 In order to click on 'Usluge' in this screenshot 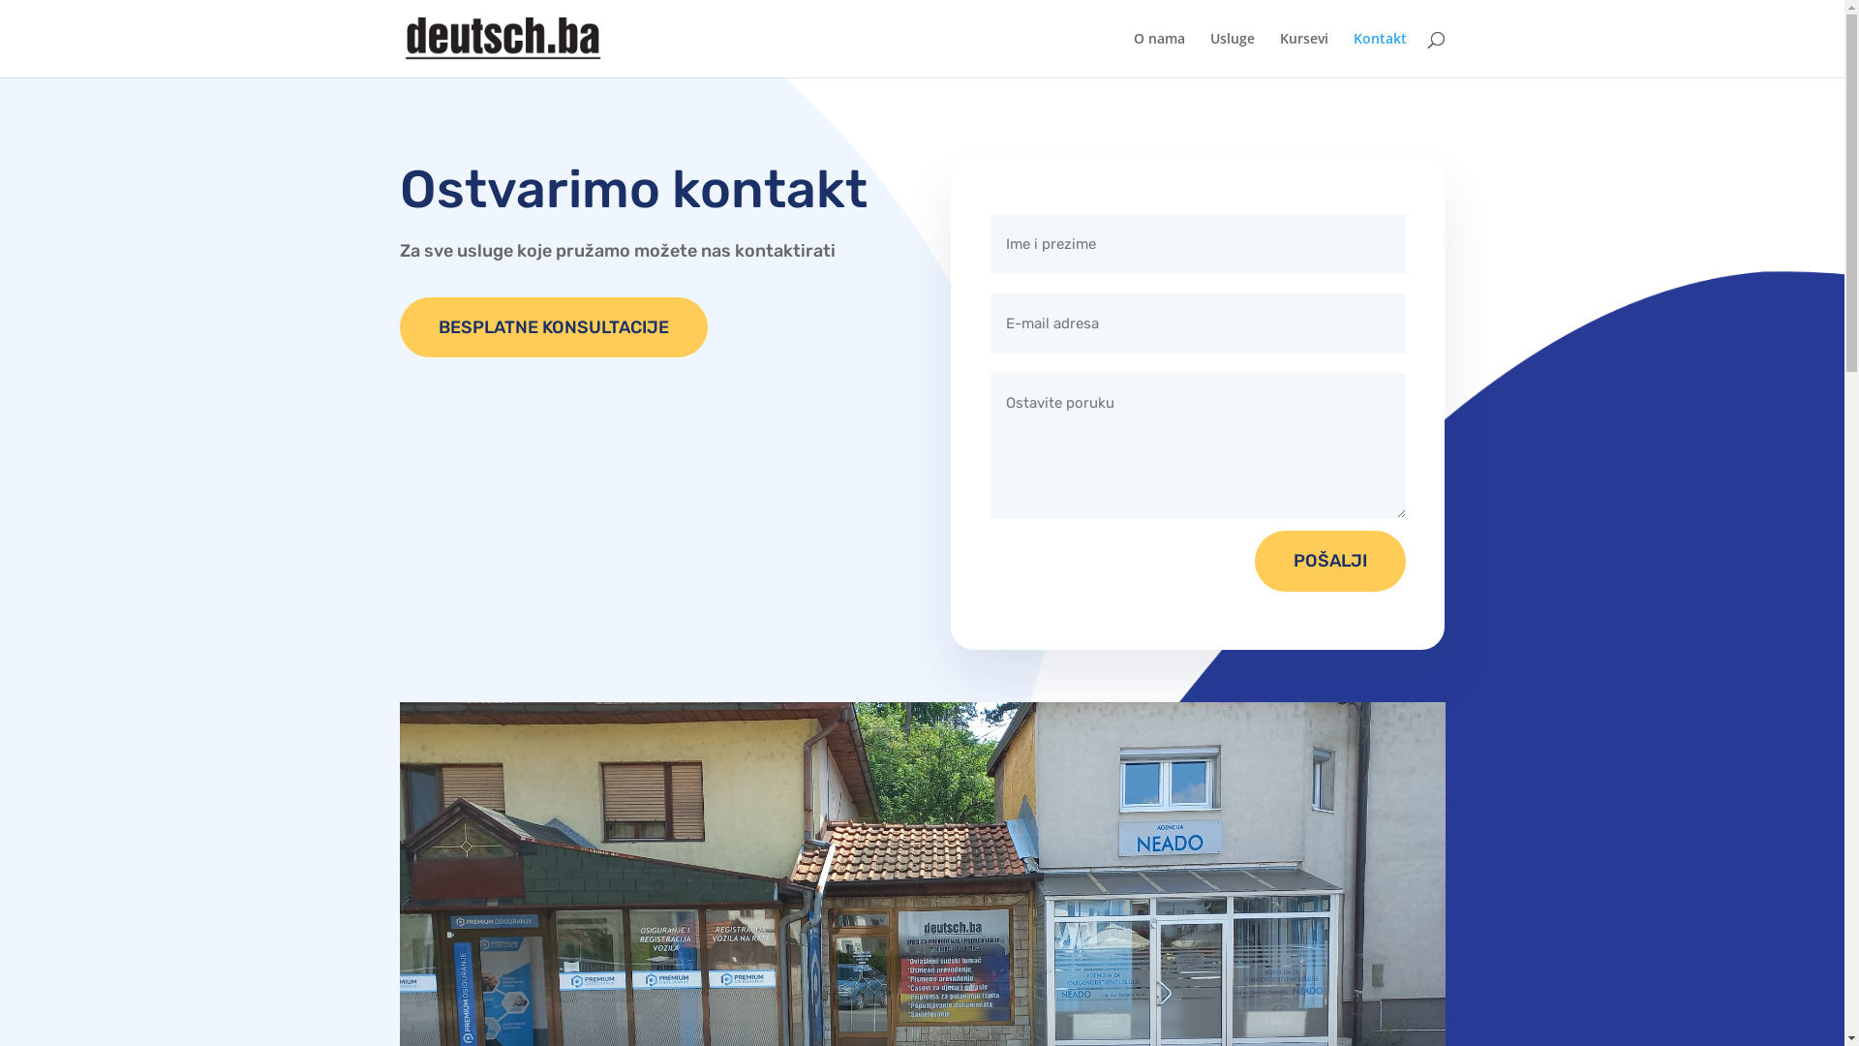, I will do `click(1231, 53)`.